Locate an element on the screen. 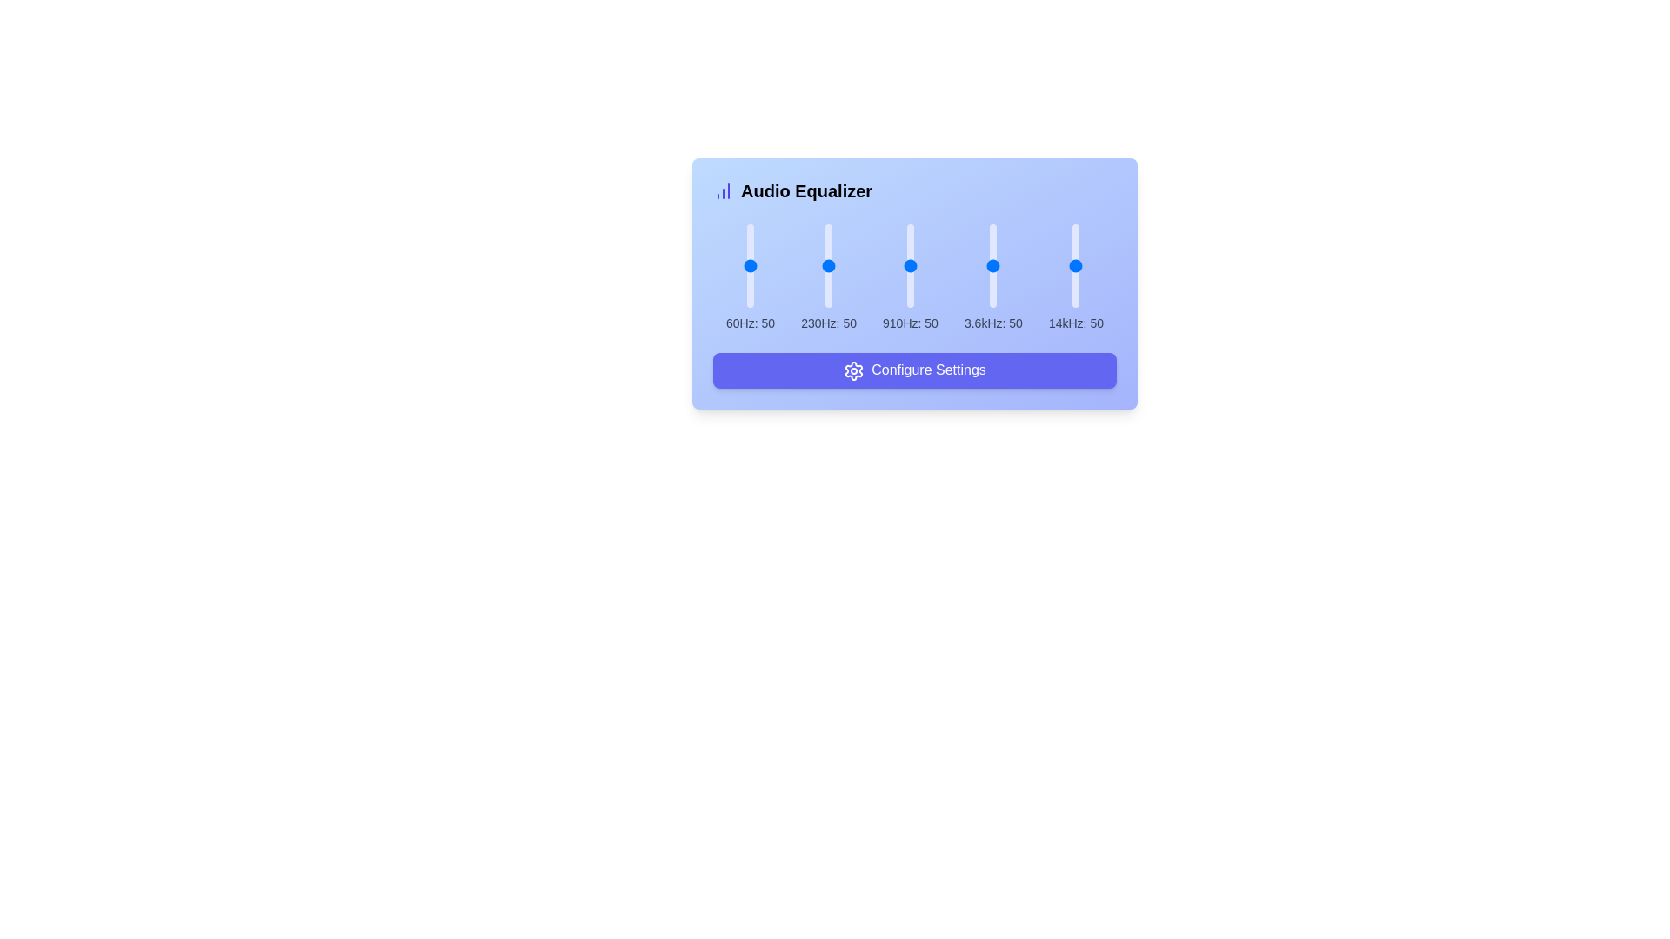  the 230Hz slider value is located at coordinates (828, 244).